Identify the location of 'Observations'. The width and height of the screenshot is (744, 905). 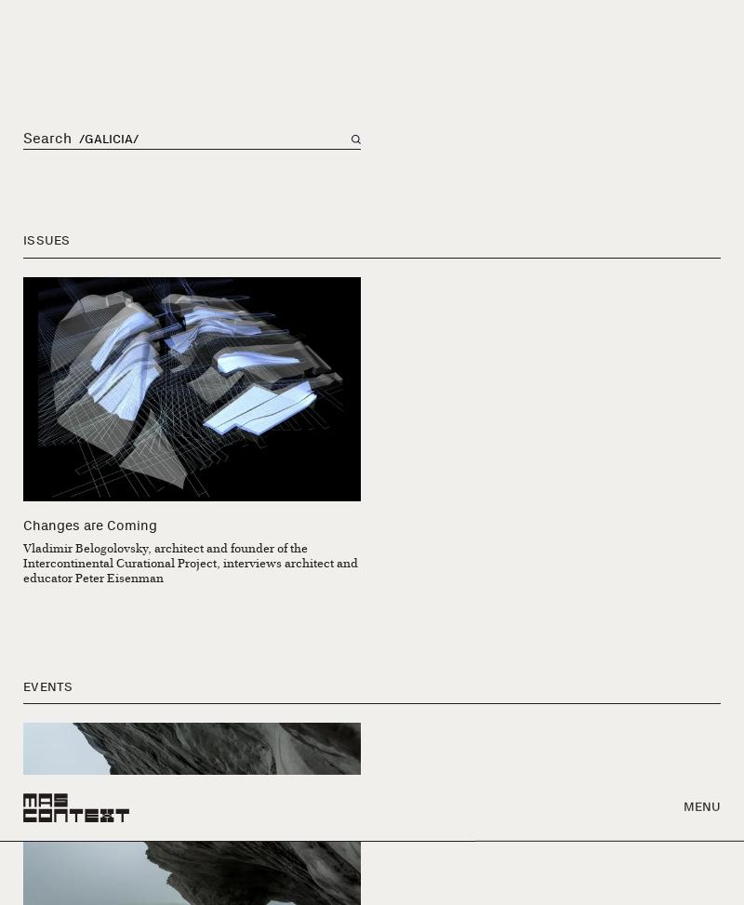
(72, 306).